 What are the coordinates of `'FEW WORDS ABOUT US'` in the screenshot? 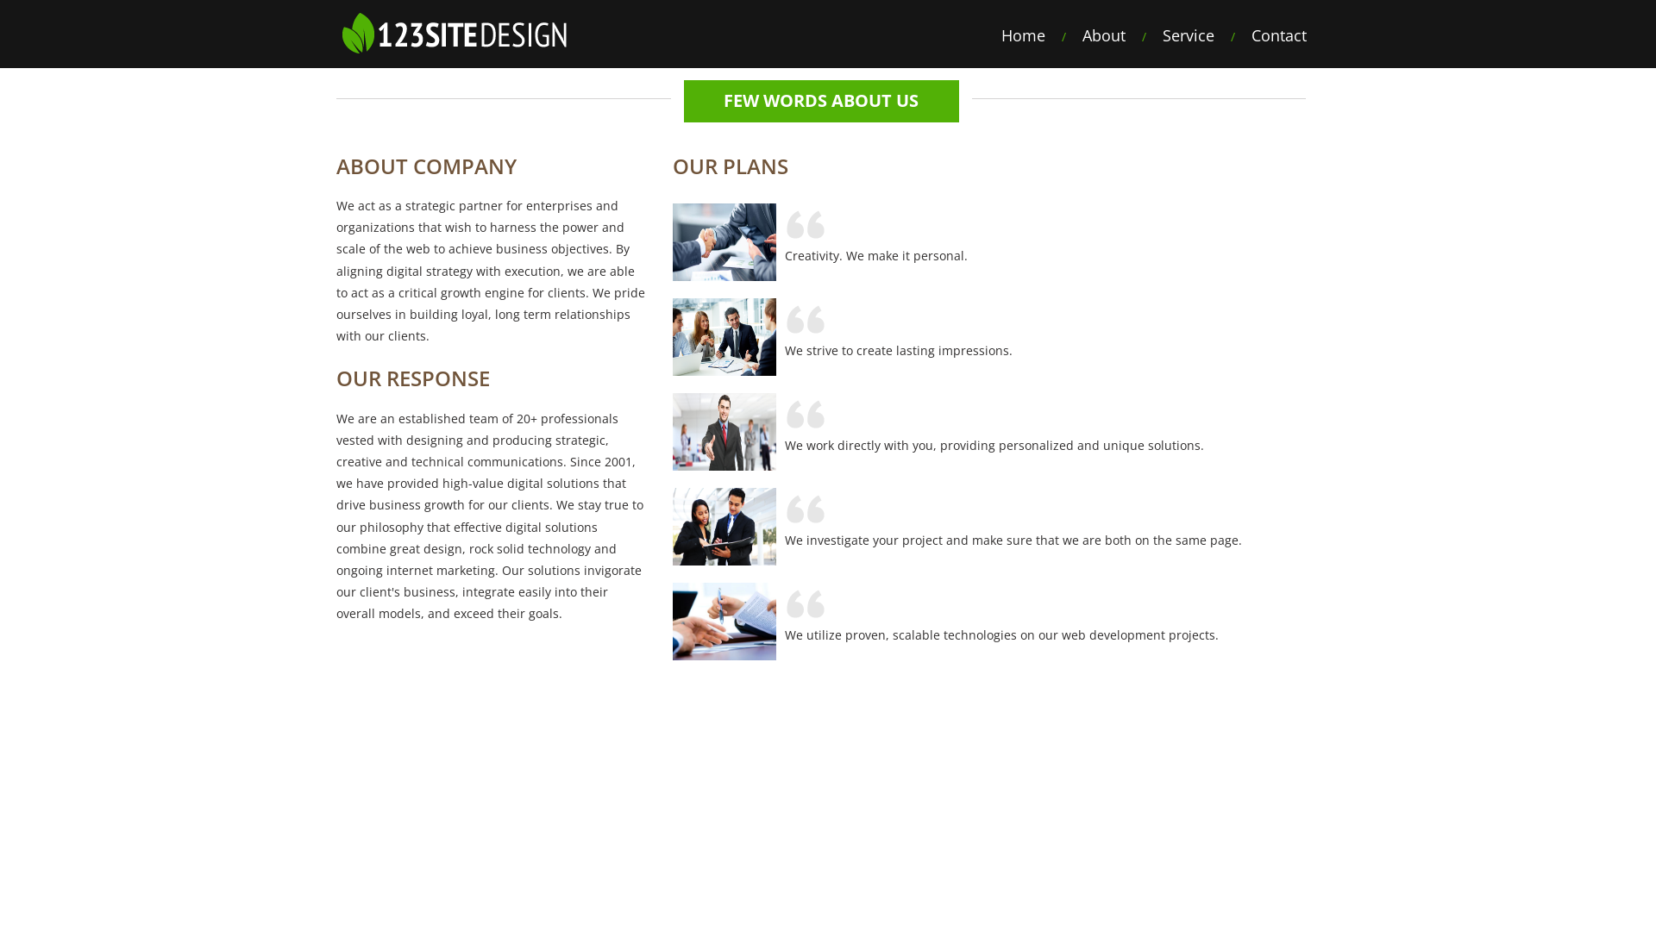 It's located at (820, 101).